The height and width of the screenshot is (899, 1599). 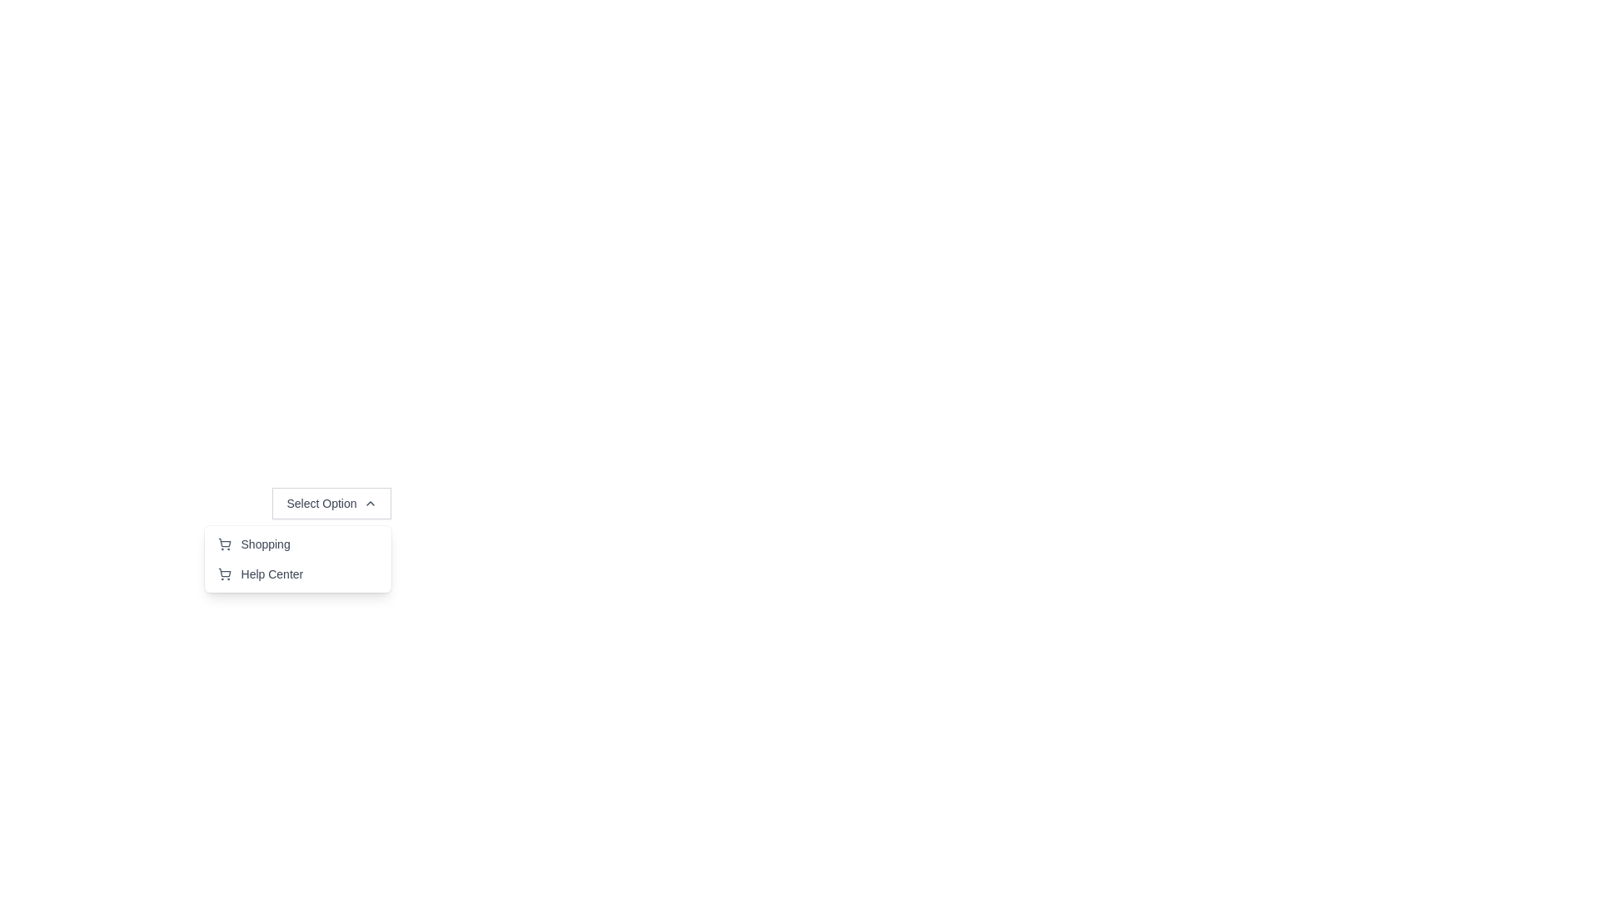 I want to click on the first item in the dropdown menu, which serves as a selectable option leading to a shopping-related interface, so click(x=297, y=559).